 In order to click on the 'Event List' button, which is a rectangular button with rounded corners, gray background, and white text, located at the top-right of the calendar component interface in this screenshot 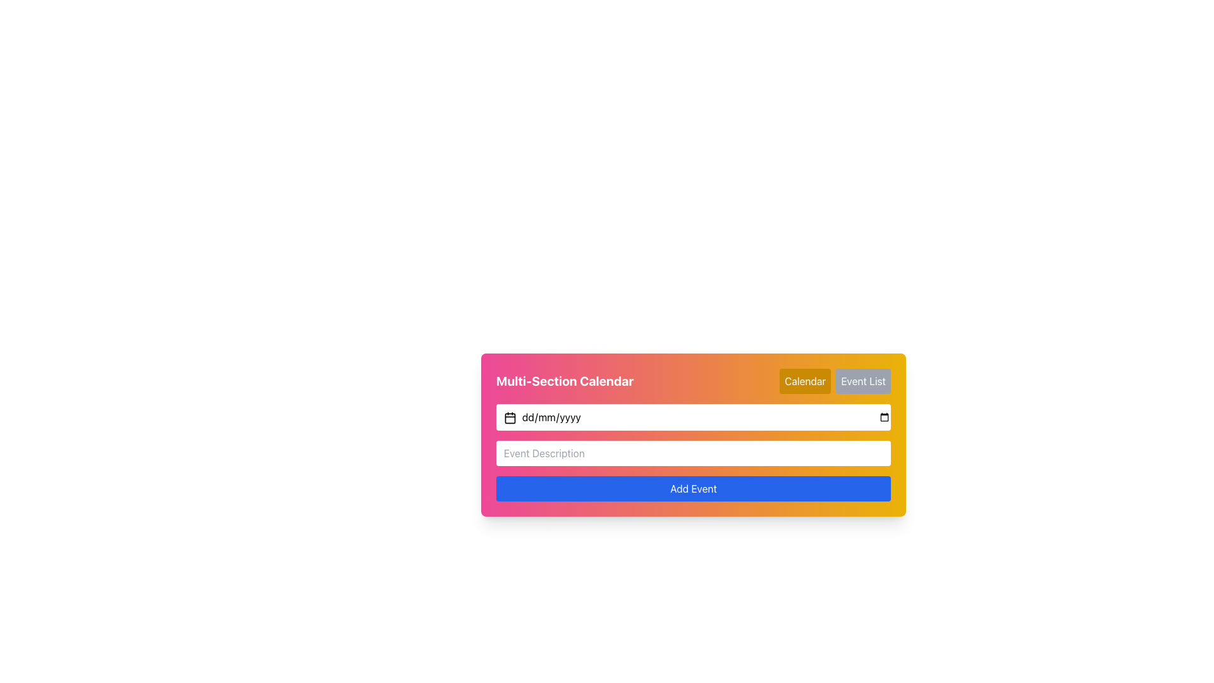, I will do `click(862, 380)`.